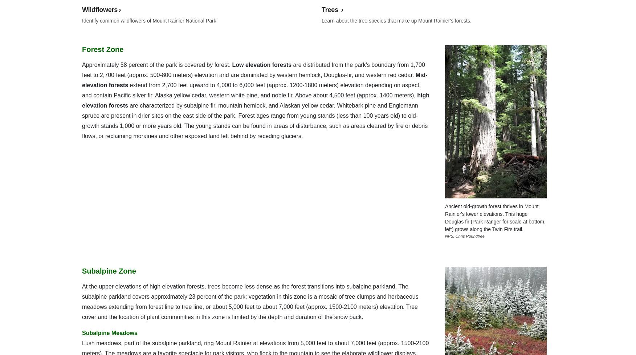 Image resolution: width=636 pixels, height=355 pixels. What do you see at coordinates (216, 18) in the screenshot?
I see `'Vulnerability Disclosure Policy'` at bounding box center [216, 18].